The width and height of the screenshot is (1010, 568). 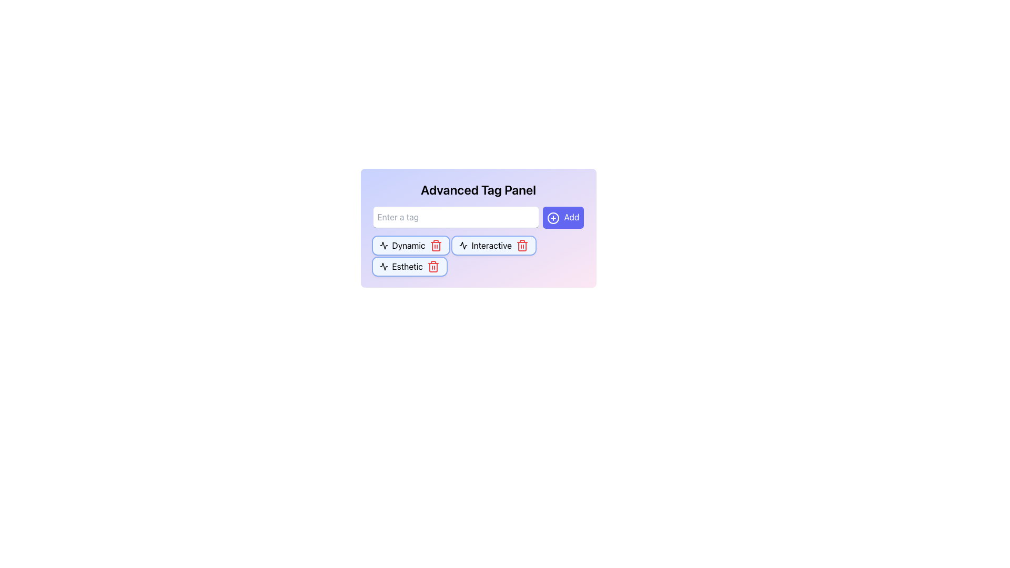 What do you see at coordinates (410, 245) in the screenshot?
I see `'Dynamic' button, which is a rounded rectangular button with a light blue background, located below the input field in the 'Advanced Tag Panel'` at bounding box center [410, 245].